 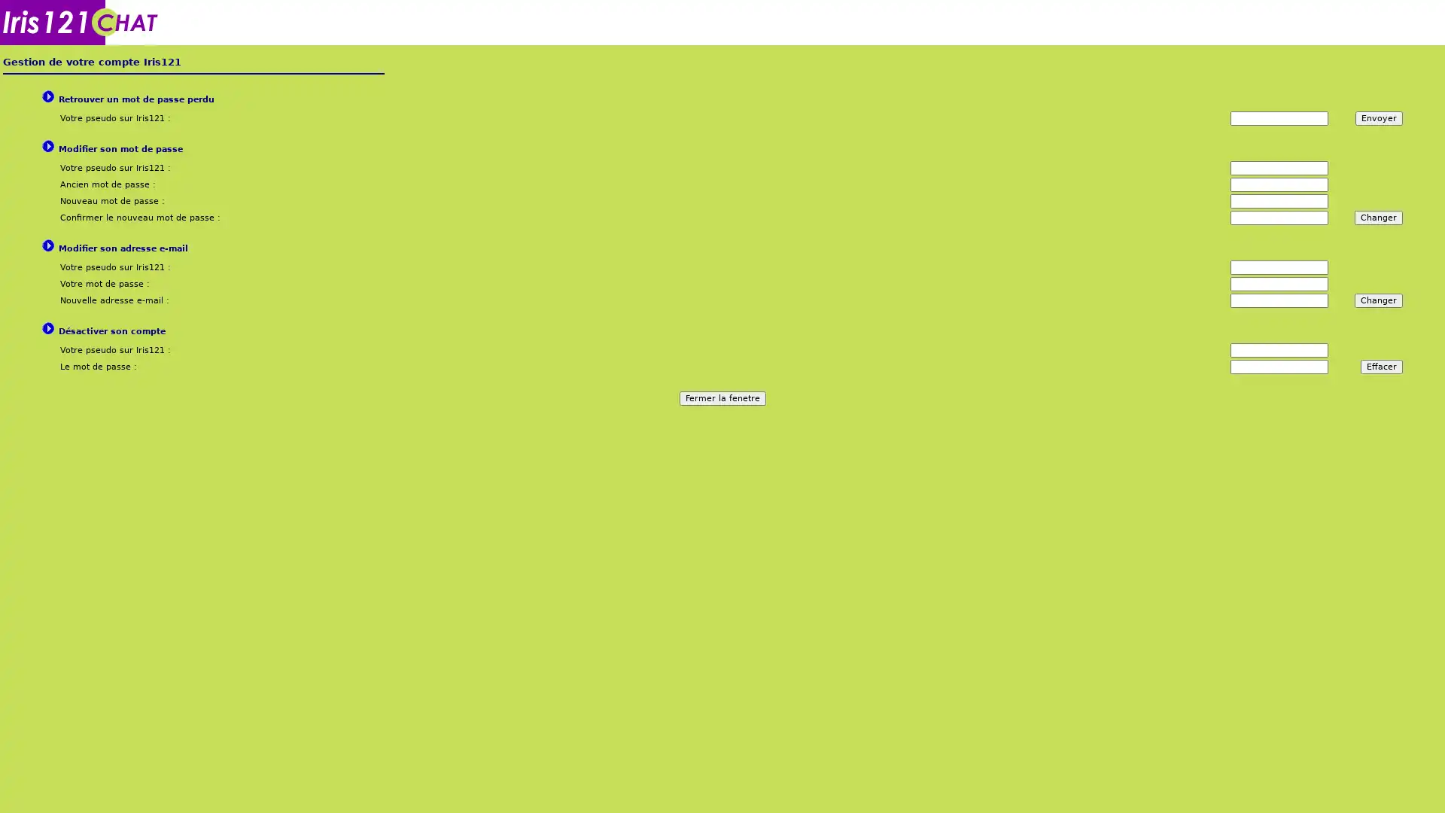 What do you see at coordinates (1379, 300) in the screenshot?
I see `Changer` at bounding box center [1379, 300].